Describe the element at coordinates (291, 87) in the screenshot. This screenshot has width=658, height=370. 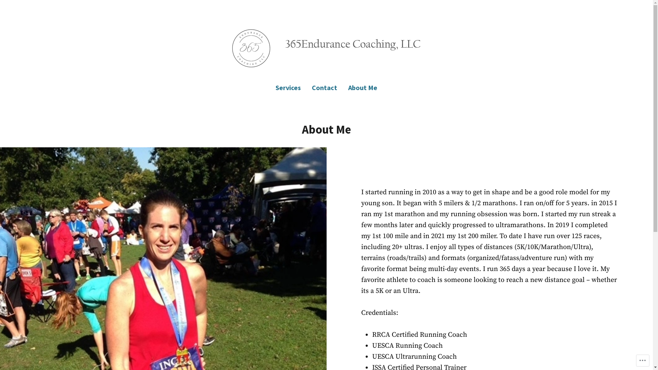
I see `'Services'` at that location.